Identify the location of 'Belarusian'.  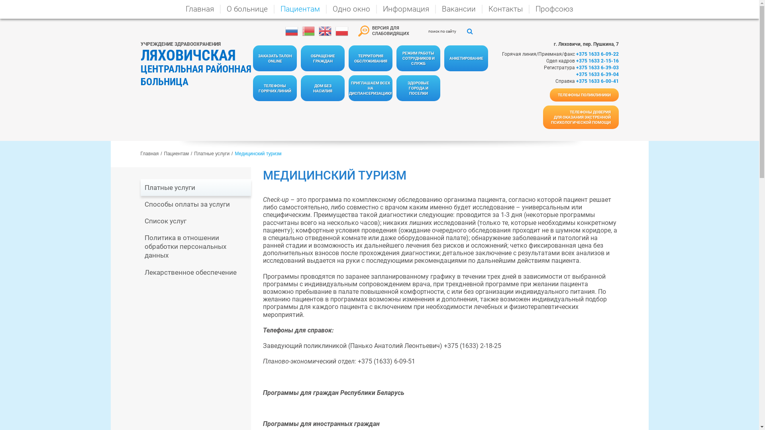
(308, 30).